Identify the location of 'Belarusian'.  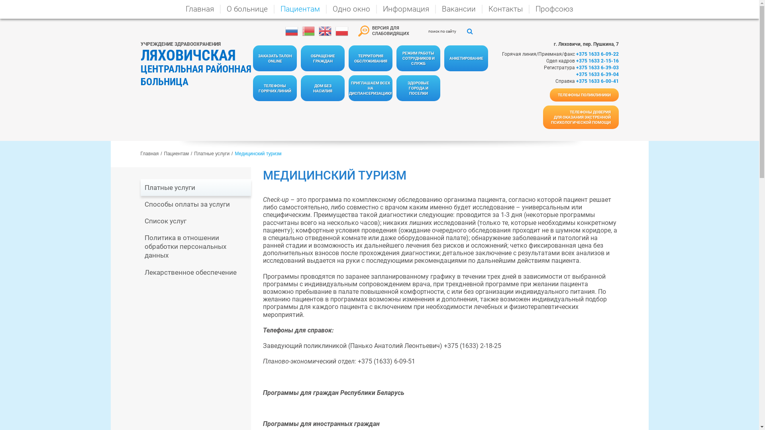
(308, 30).